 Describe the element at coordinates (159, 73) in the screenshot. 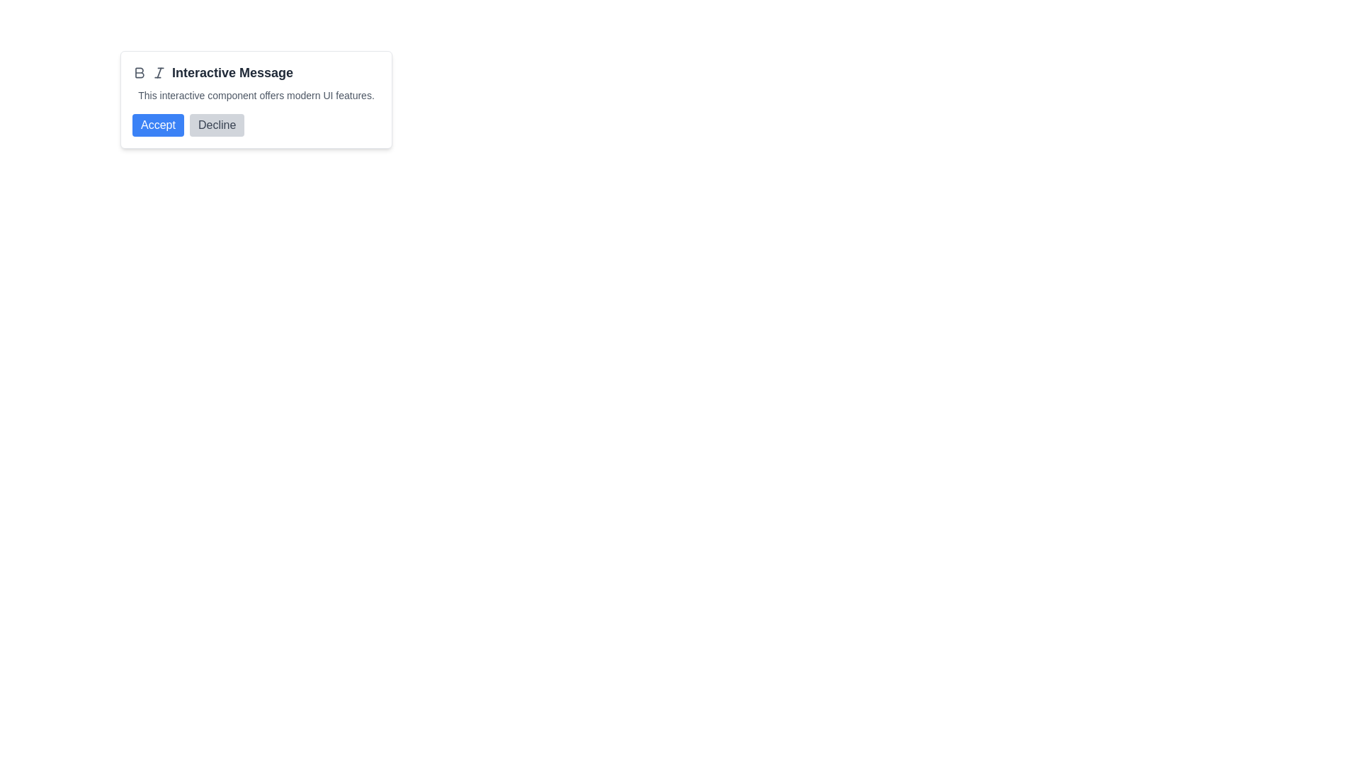

I see `the italic styling icon button located between the bold icon and the heading 'Interactive Message', positioned slightly above the buttons below` at that location.